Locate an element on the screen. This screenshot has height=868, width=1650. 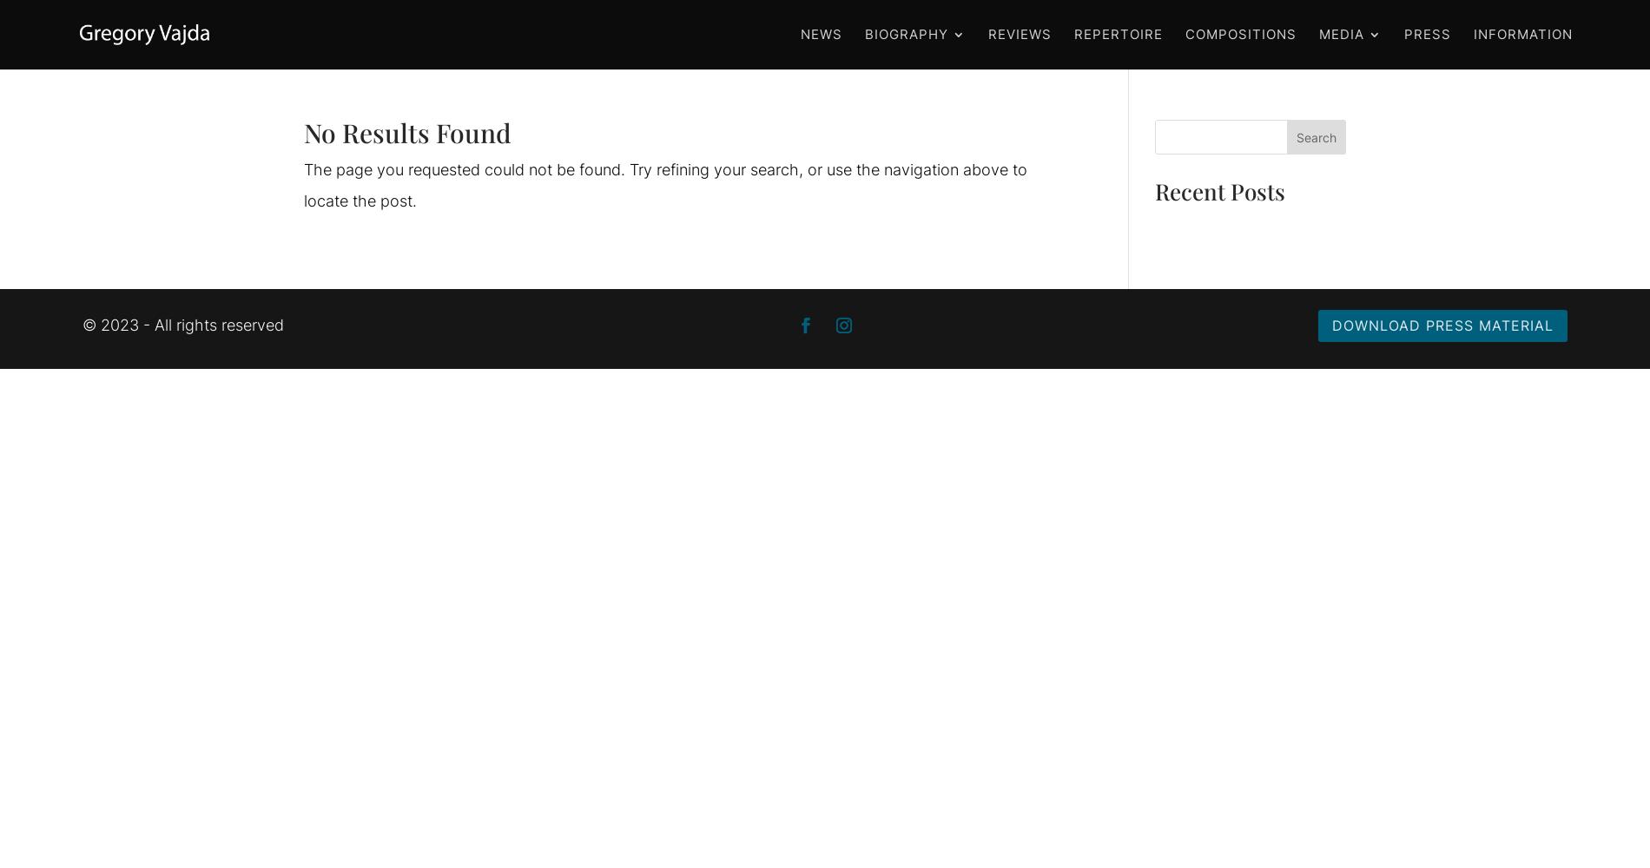
'Conductor' is located at coordinates (946, 105).